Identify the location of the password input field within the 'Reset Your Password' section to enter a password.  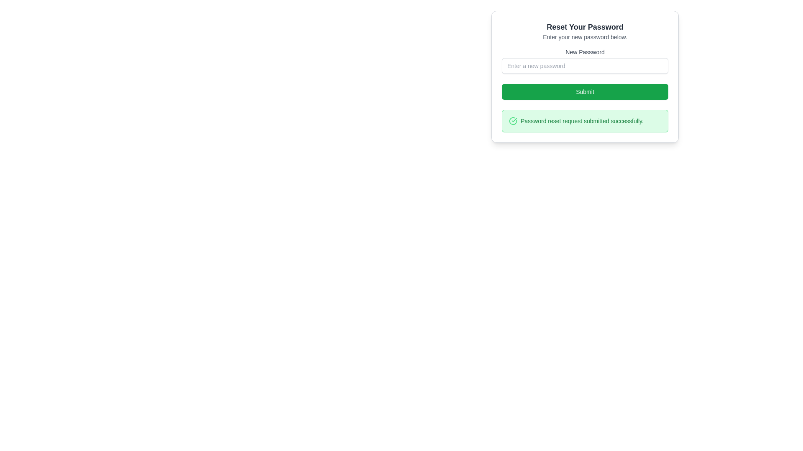
(584, 77).